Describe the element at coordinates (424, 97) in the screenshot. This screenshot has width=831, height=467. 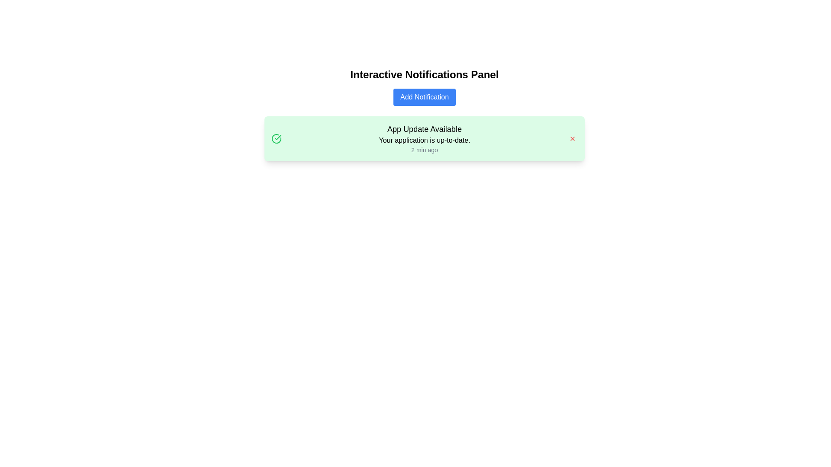
I see `the button that allows users to add a notification, which is located just below the 'Interactive Notifications Panel' heading` at that location.